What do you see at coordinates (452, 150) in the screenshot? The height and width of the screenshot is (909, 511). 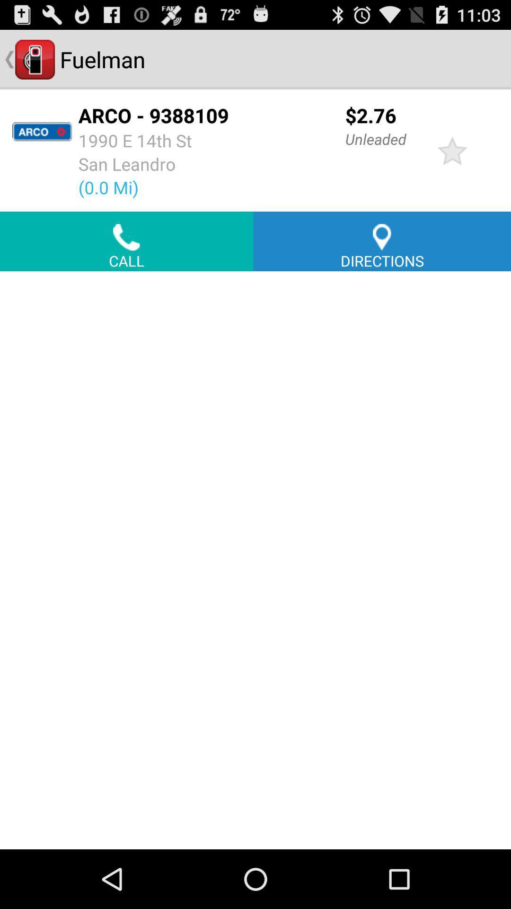 I see `mark as favorite` at bounding box center [452, 150].